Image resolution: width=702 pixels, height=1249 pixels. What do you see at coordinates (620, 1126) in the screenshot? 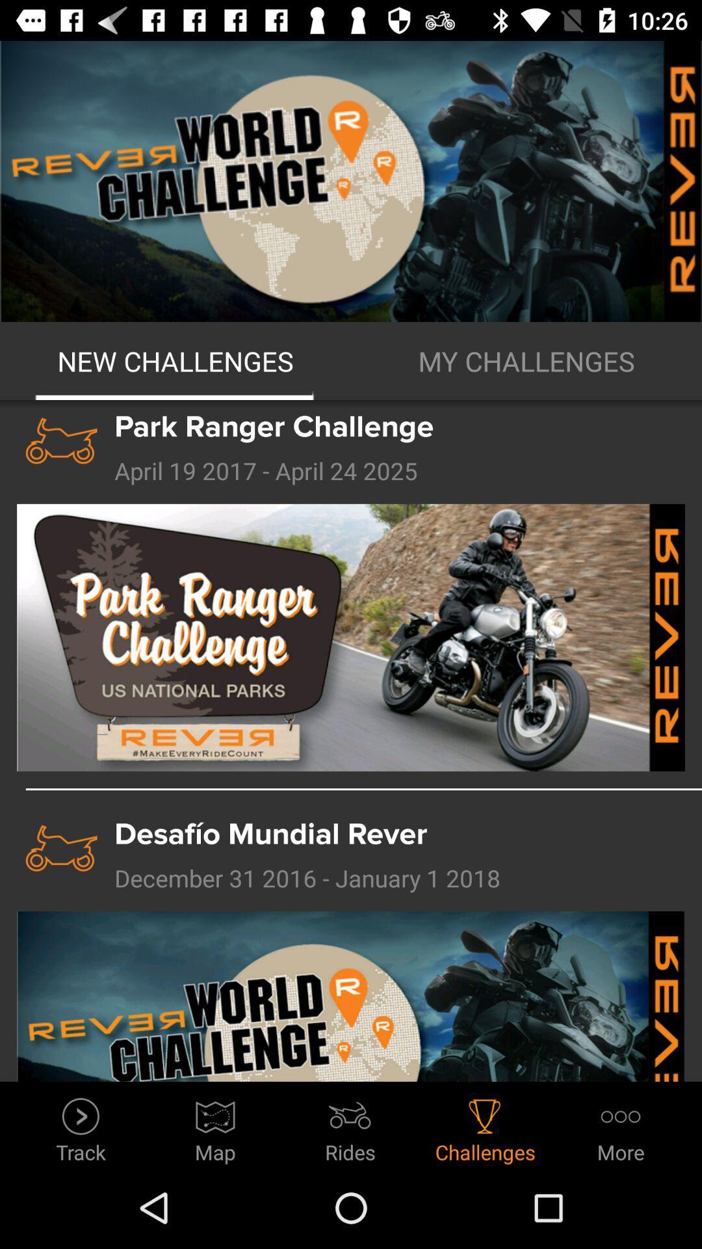
I see `the icon to the right of challenges` at bounding box center [620, 1126].